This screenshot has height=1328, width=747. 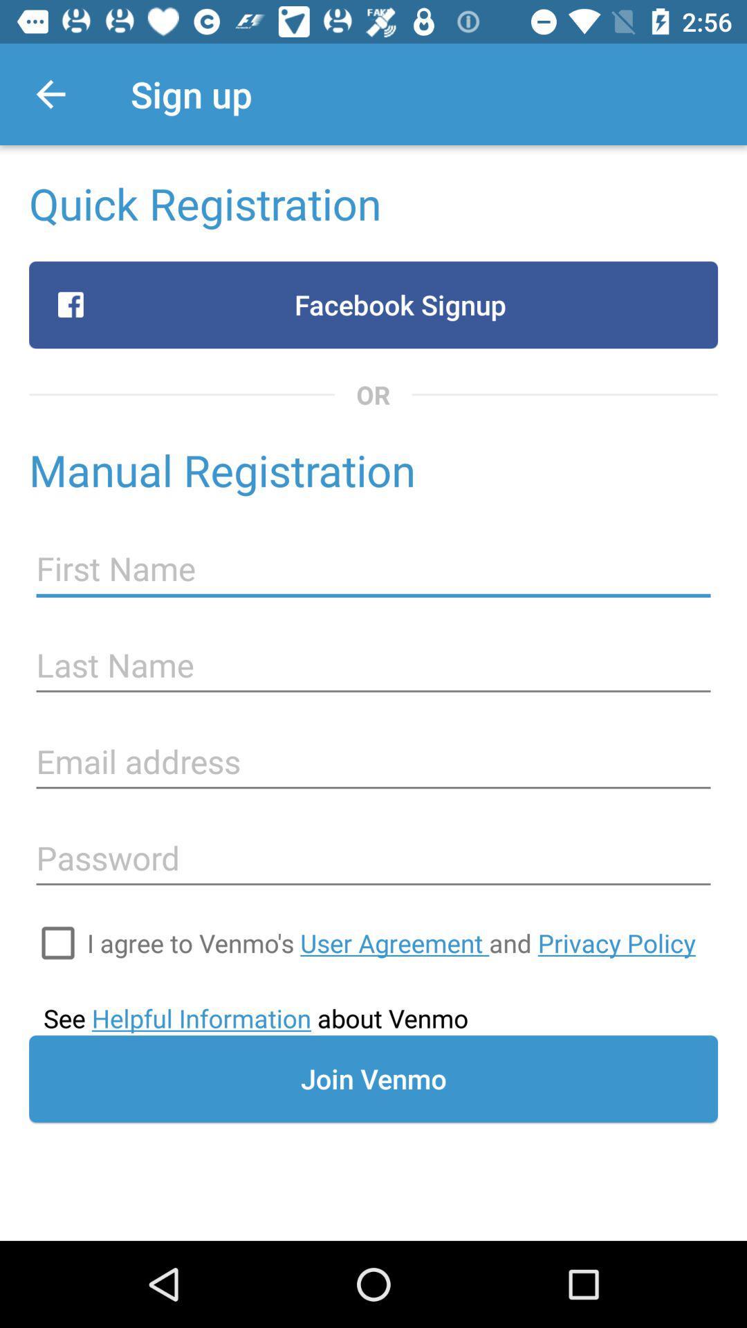 I want to click on the icon below the manual registration icon, so click(x=373, y=569).